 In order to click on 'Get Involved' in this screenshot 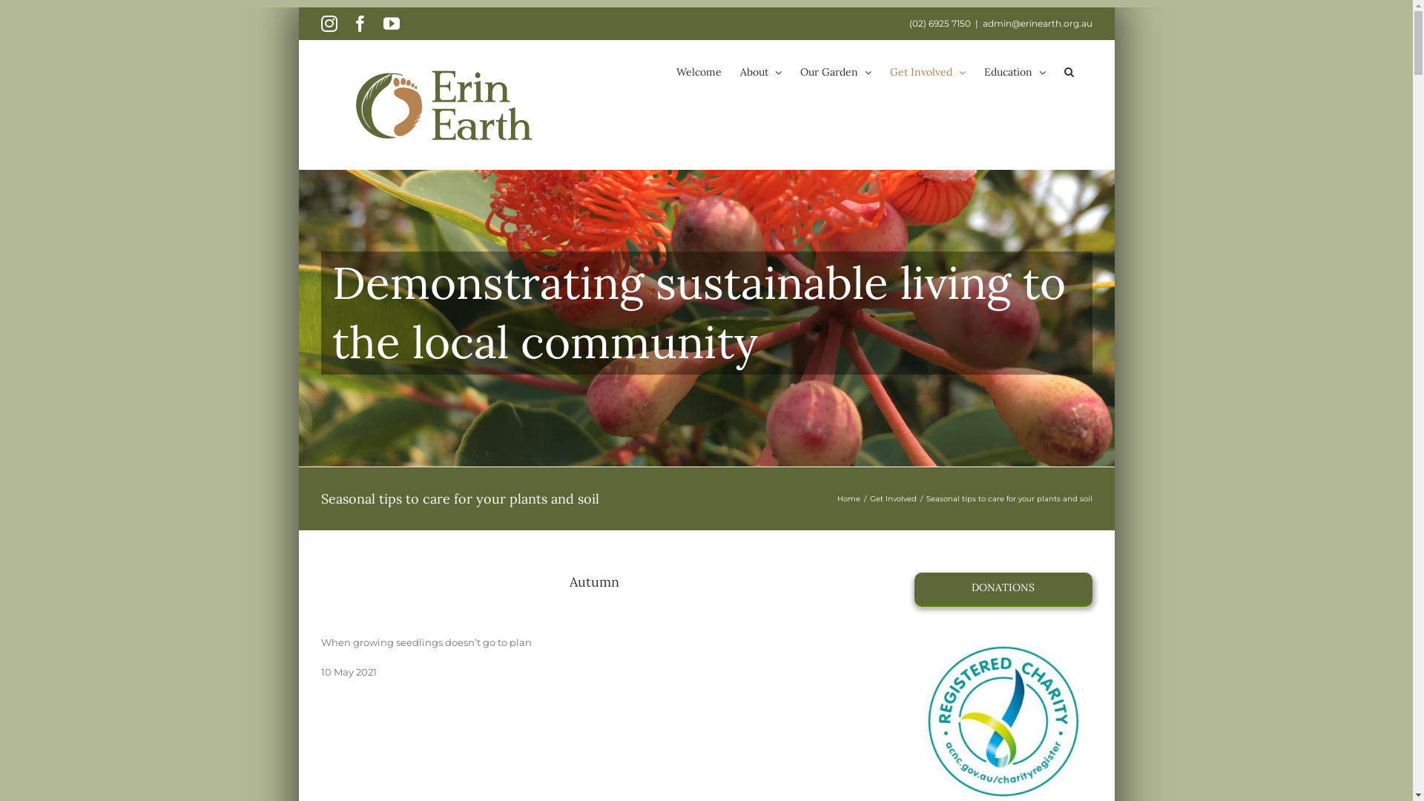, I will do `click(891, 498)`.